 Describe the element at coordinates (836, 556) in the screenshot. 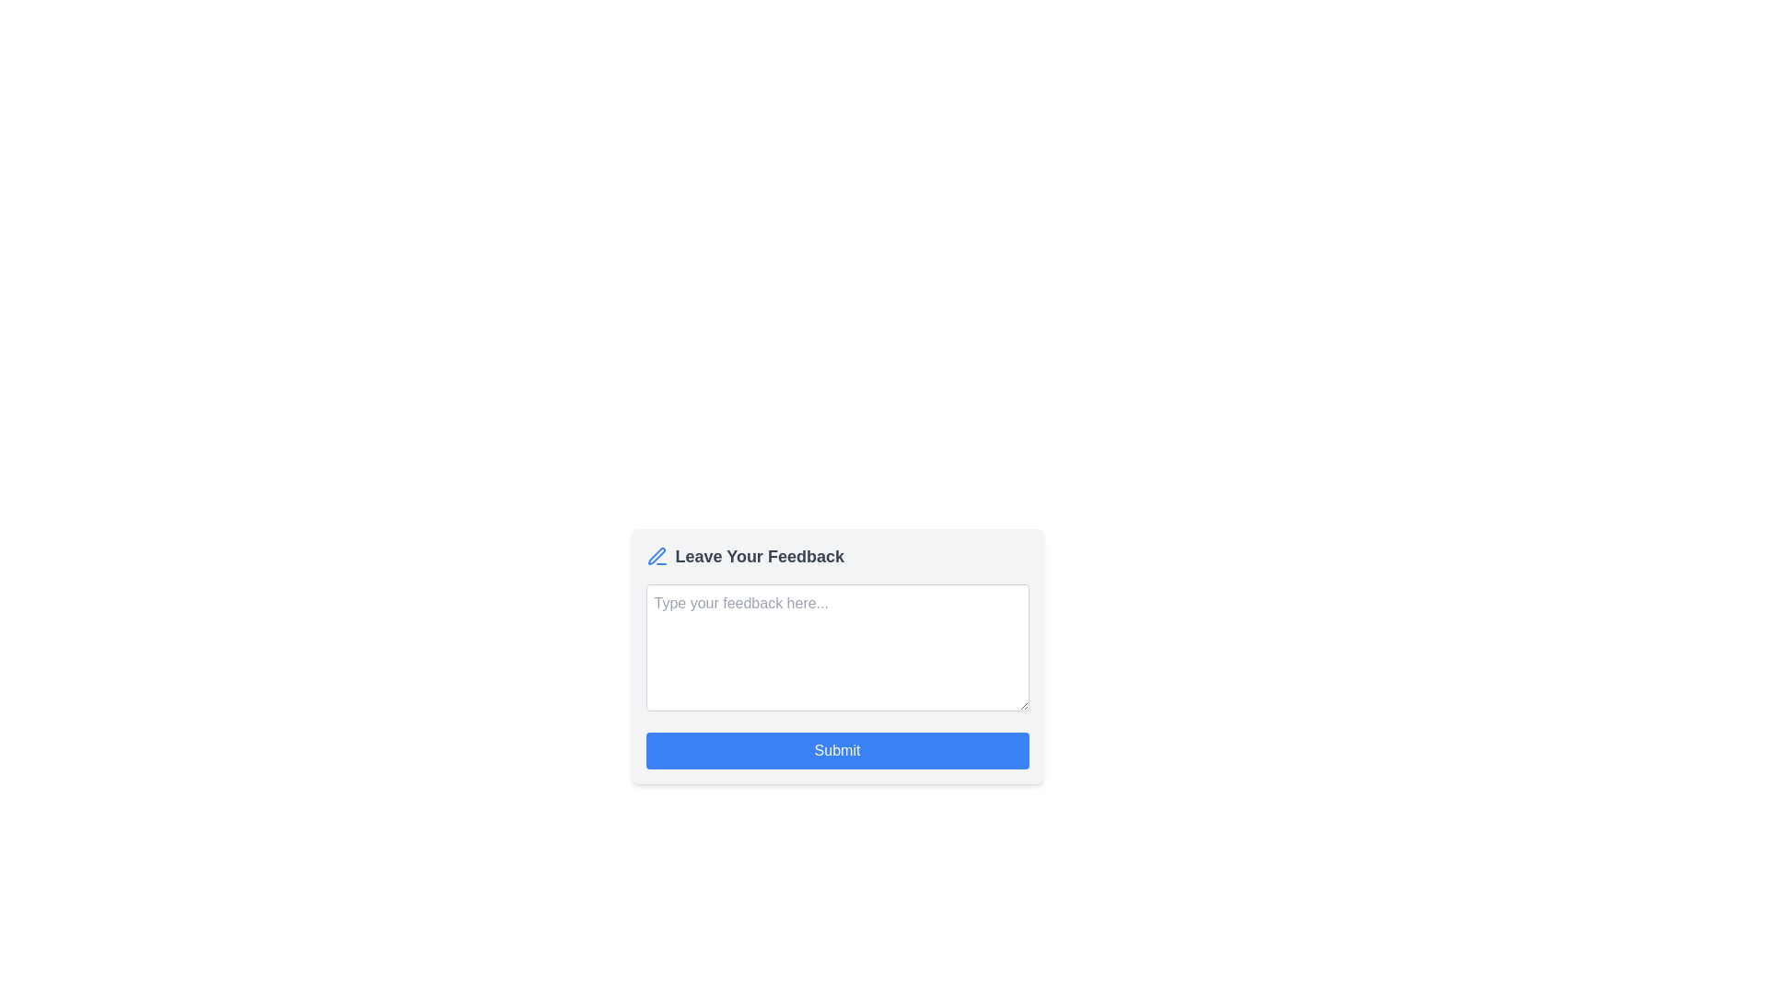

I see `the label or header element that introduces the feedback section, positioned at the top of the feedback component` at that location.